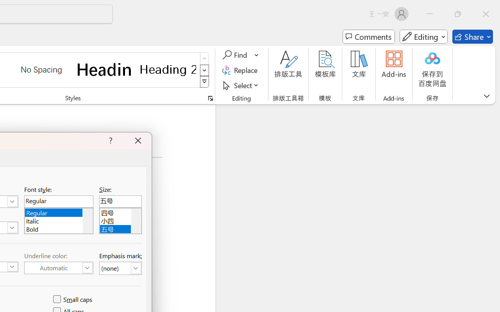 This screenshot has width=500, height=312. I want to click on 'Select', so click(241, 85).